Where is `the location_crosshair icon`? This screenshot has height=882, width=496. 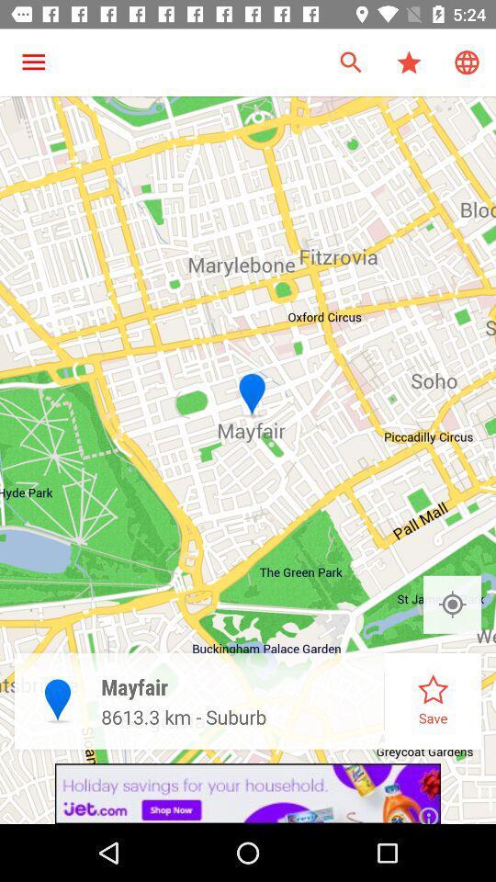 the location_crosshair icon is located at coordinates (451, 604).